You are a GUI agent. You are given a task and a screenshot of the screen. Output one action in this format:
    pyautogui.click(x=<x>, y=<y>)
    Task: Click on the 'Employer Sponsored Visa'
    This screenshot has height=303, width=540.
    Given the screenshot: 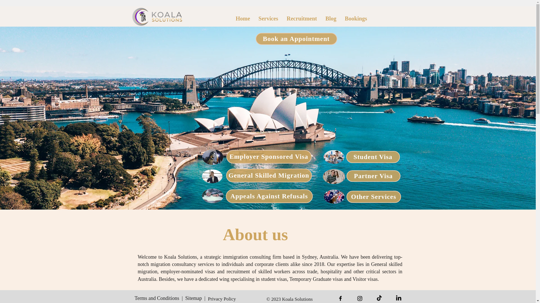 What is the action you would take?
    pyautogui.click(x=268, y=157)
    